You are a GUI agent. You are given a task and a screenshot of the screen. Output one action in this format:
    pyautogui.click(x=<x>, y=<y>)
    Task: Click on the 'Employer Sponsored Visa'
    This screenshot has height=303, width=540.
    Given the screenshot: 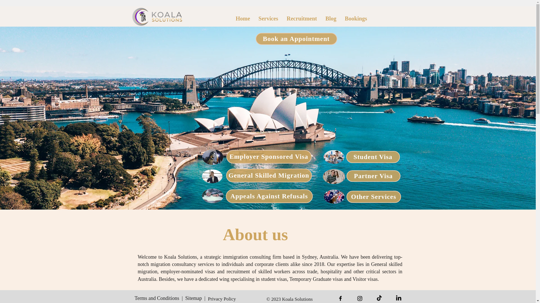 What is the action you would take?
    pyautogui.click(x=268, y=157)
    